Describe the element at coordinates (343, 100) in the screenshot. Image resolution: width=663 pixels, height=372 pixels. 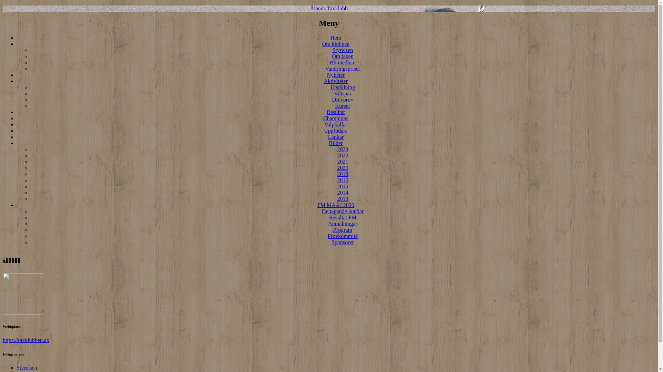
I see `'Drevprov'` at that location.